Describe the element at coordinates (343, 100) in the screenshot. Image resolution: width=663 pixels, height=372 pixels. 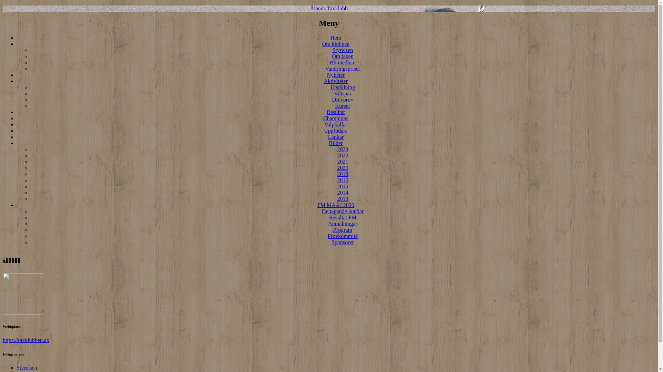
I see `'Drevprov'` at that location.